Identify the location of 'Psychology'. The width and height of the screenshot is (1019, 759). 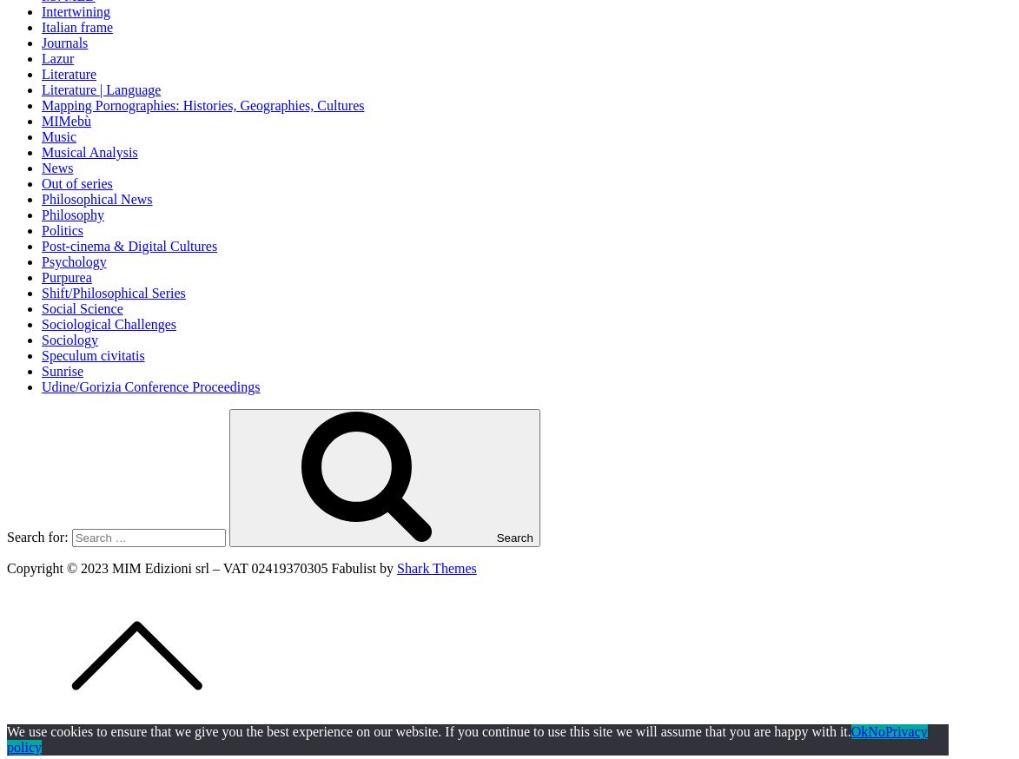
(74, 260).